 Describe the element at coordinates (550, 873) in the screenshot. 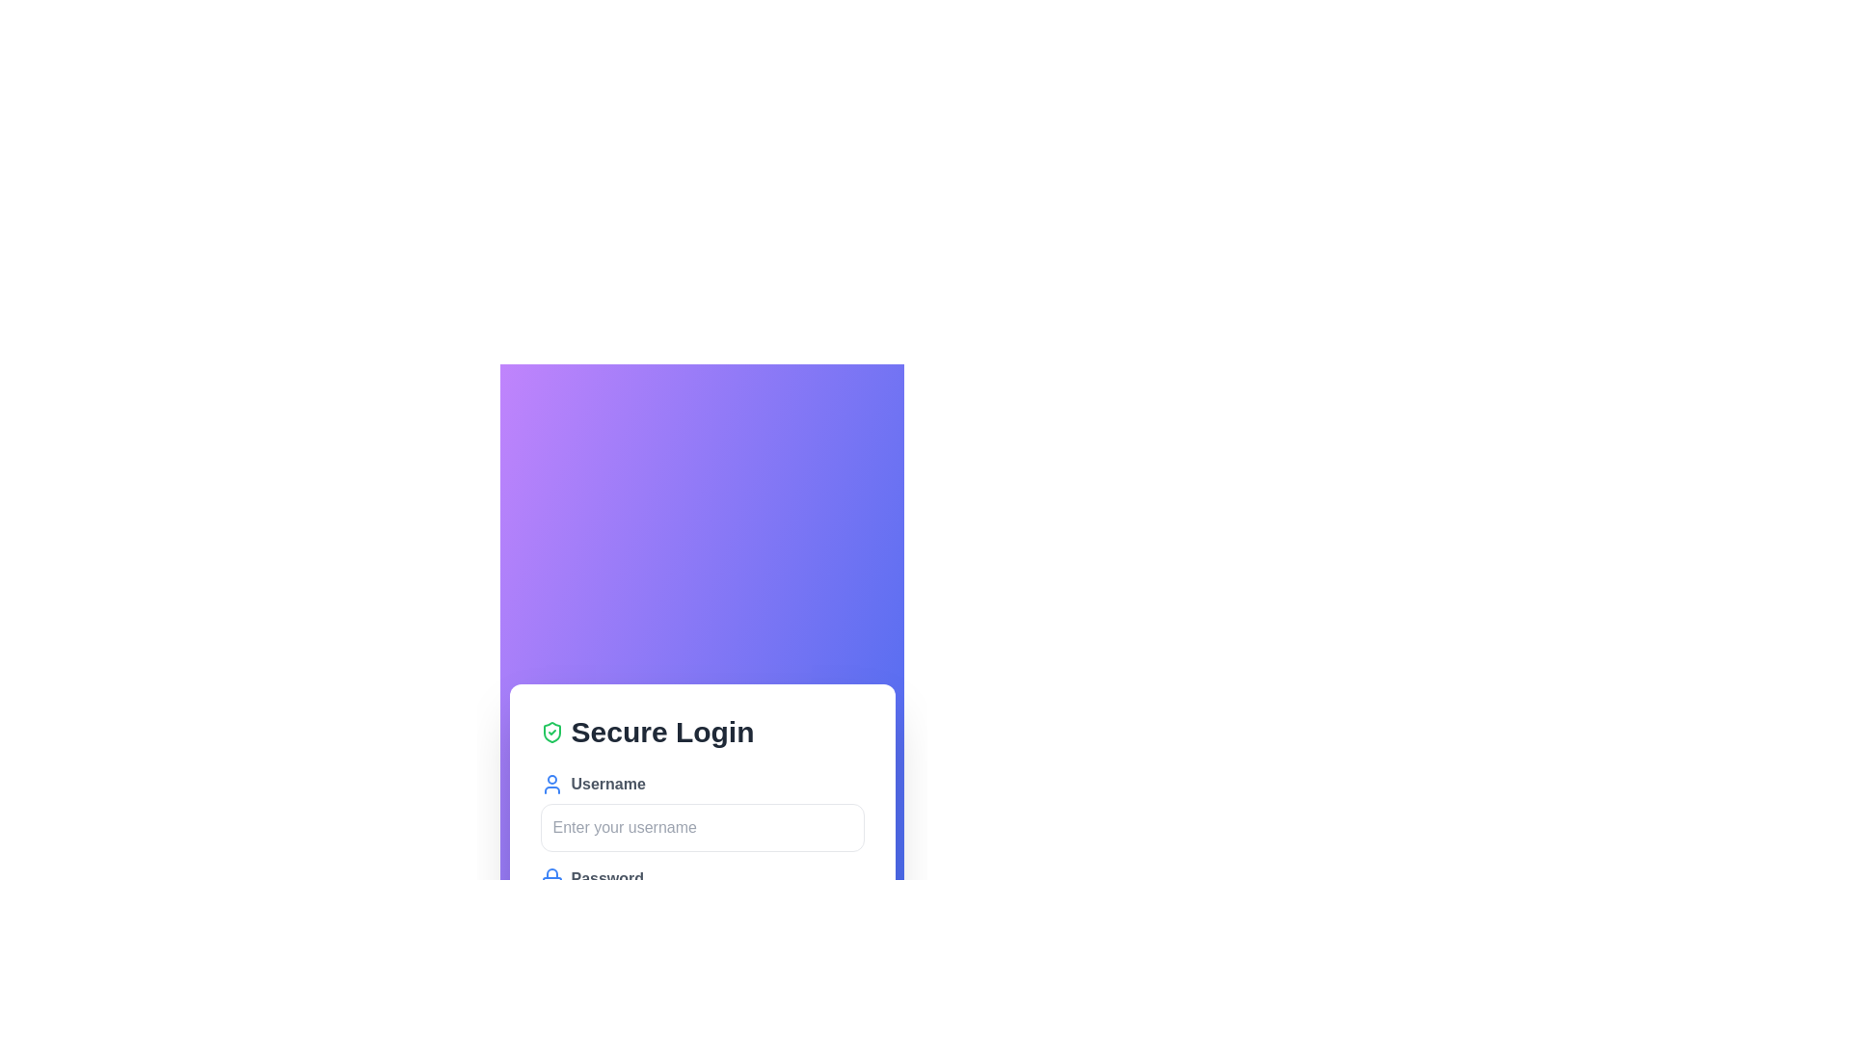

I see `the top arc of the lock icon, which is styled in blue and located to the left of the 'Secure Login' title` at that location.